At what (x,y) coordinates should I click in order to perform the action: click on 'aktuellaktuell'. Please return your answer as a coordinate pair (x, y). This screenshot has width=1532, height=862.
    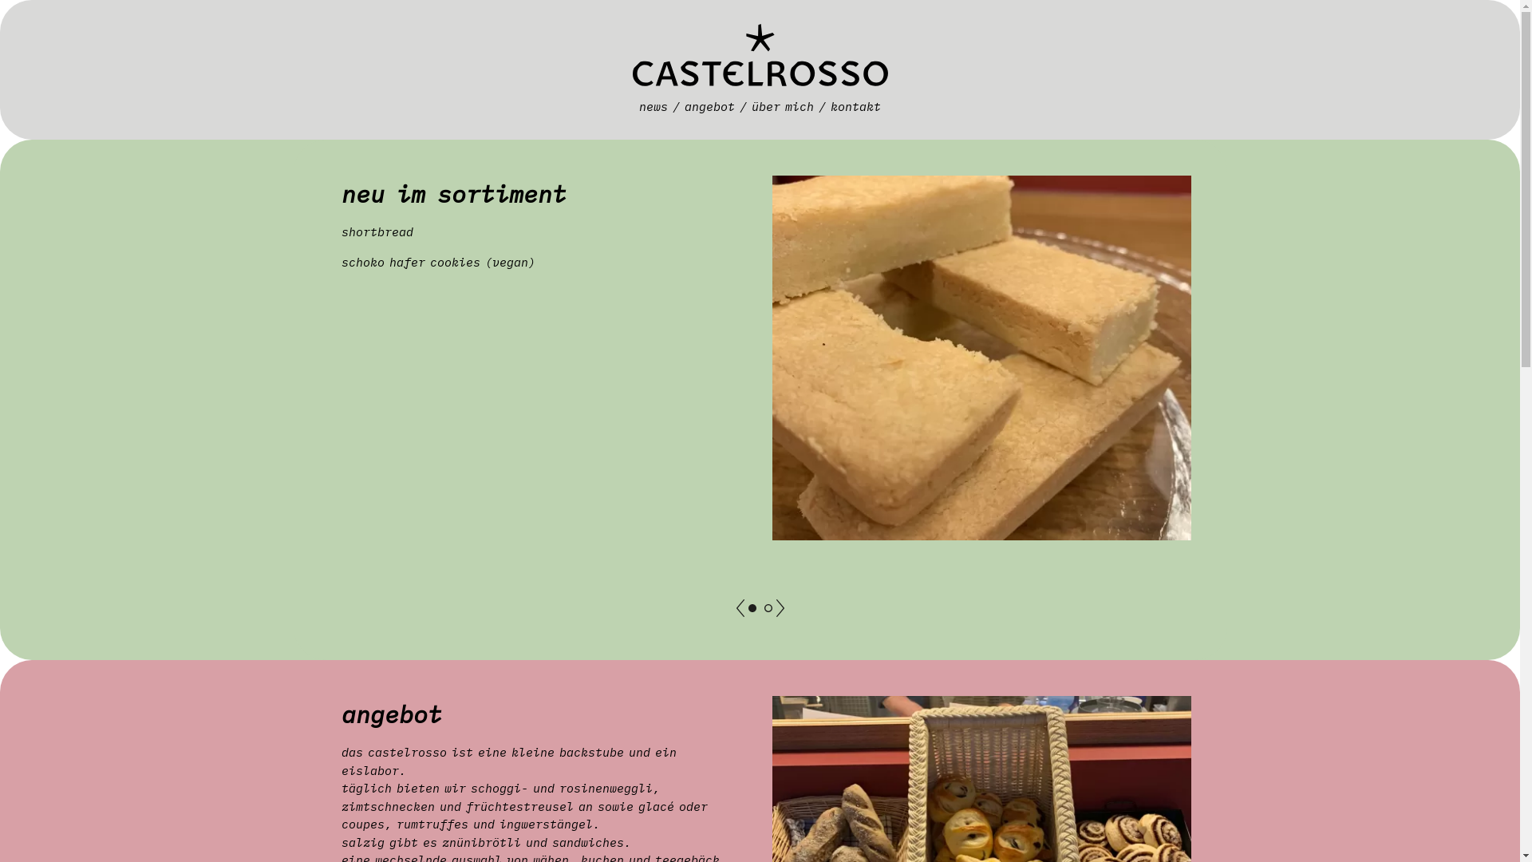
    Looking at the image, I should click on (768, 608).